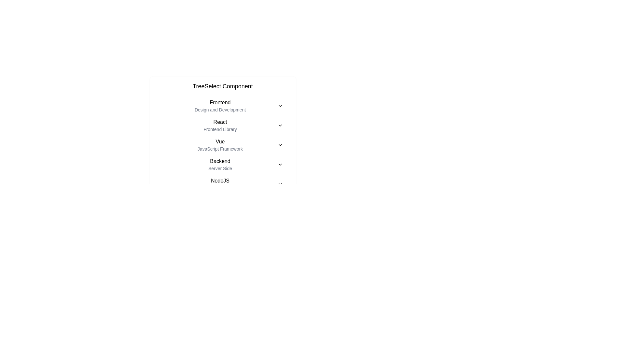 The height and width of the screenshot is (352, 625). I want to click on the dropdown menu item related to the 'Vue JavaScript Framework' for keyboard navigation, so click(223, 144).